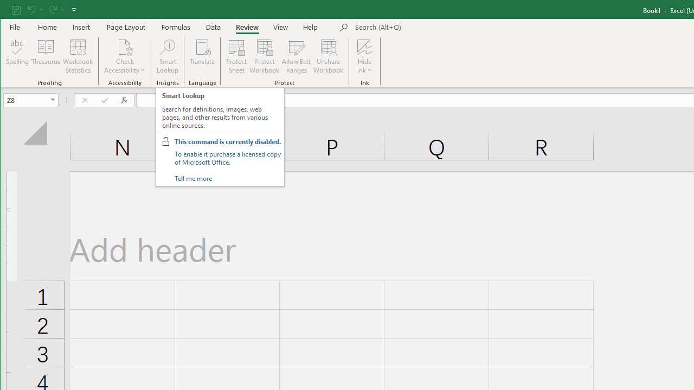  What do you see at coordinates (78, 56) in the screenshot?
I see `'Workbook Statistics'` at bounding box center [78, 56].